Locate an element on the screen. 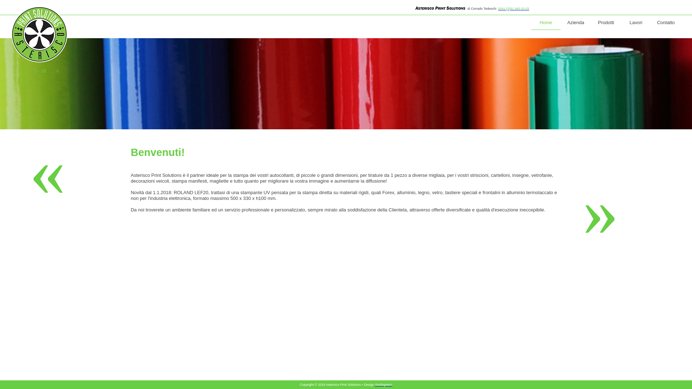 The width and height of the screenshot is (692, 389). 'Contatto' is located at coordinates (665, 22).